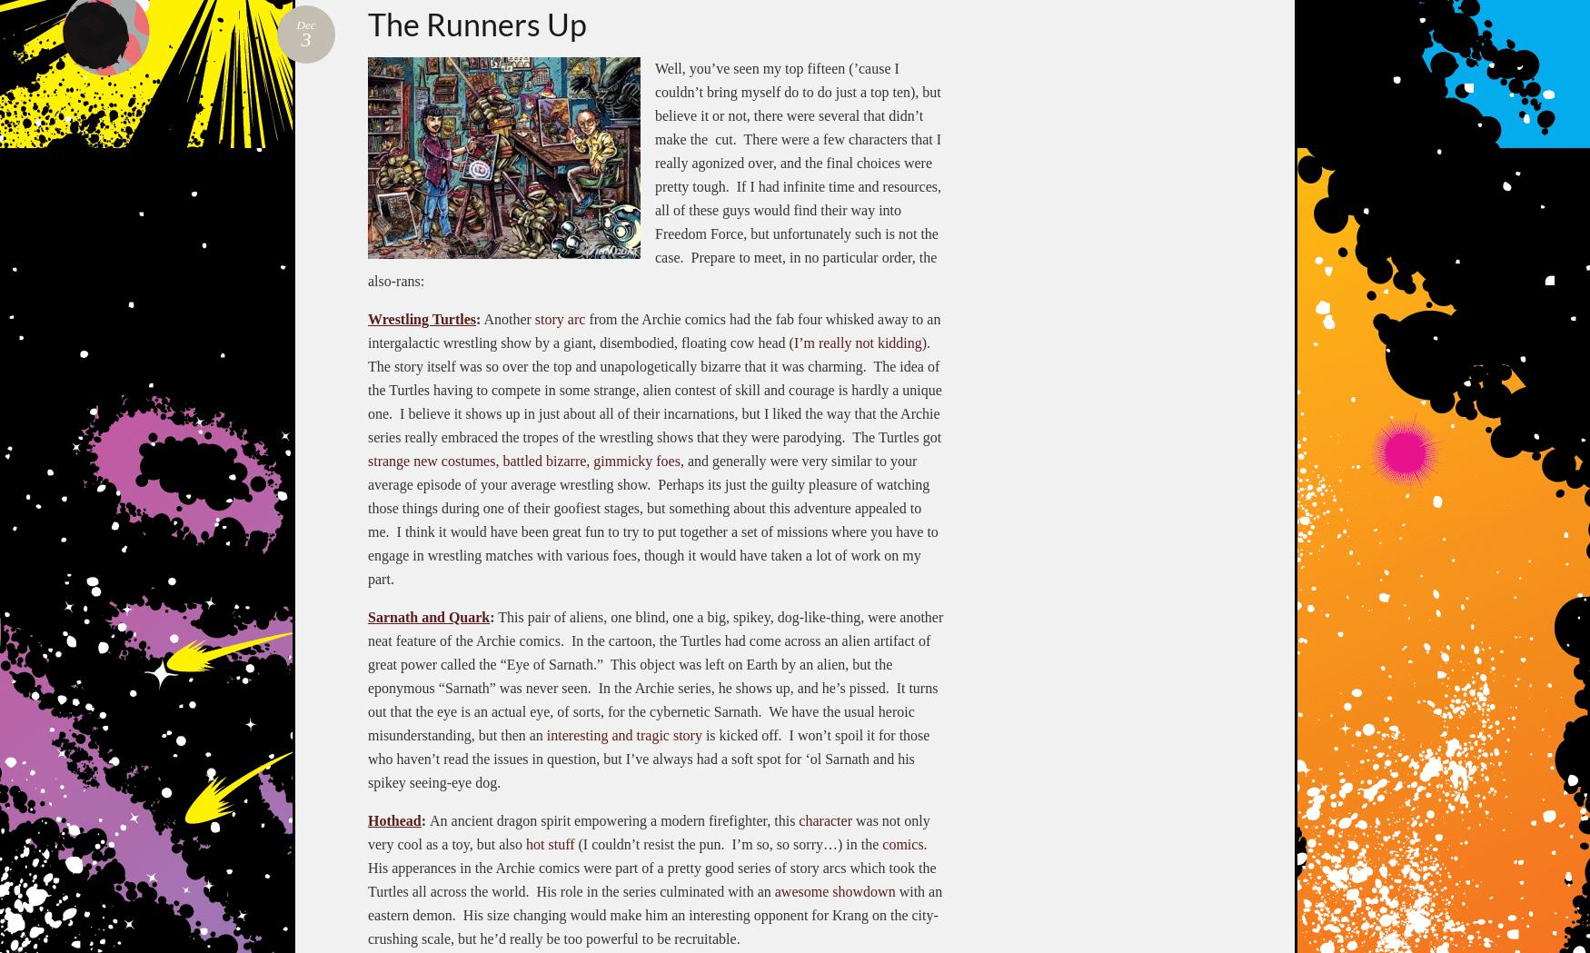  Describe the element at coordinates (649, 757) in the screenshot. I see `'is kicked off.  I won’t spoil it for those who haven’t read the issues in question, but I’ve always had a soft spot for ‘ol Sarnath and his spikey seeing-eye dog.'` at that location.